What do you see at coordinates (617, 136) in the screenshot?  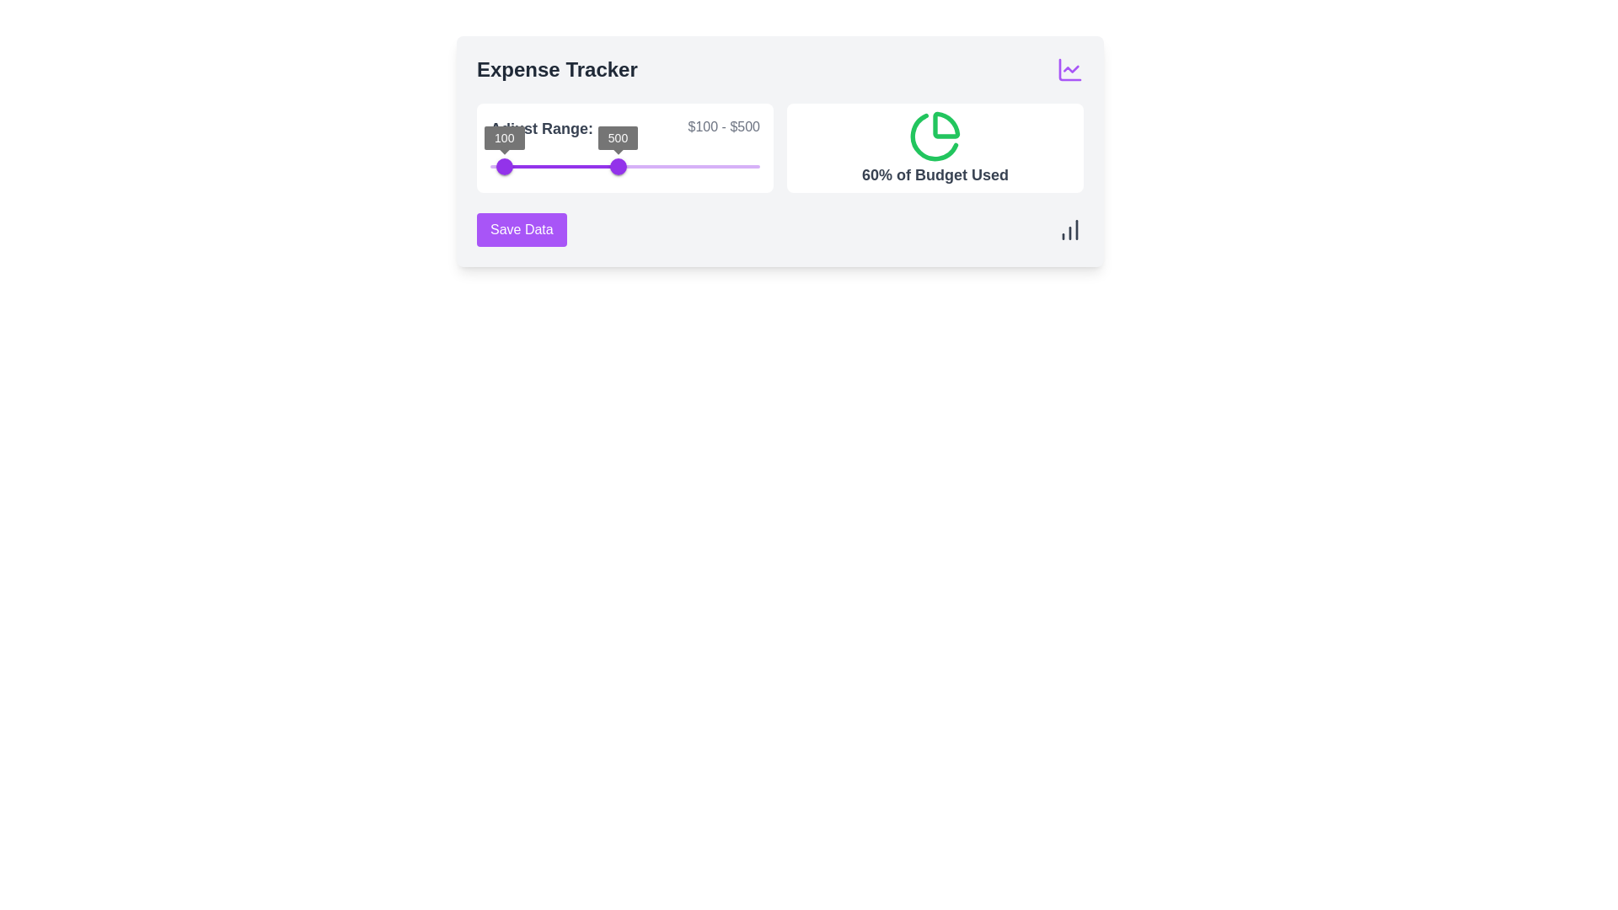 I see `the circular label displaying the numeric value '500', which is located above the right handle of the purple slider in the 'Adjust Range' section` at bounding box center [617, 136].